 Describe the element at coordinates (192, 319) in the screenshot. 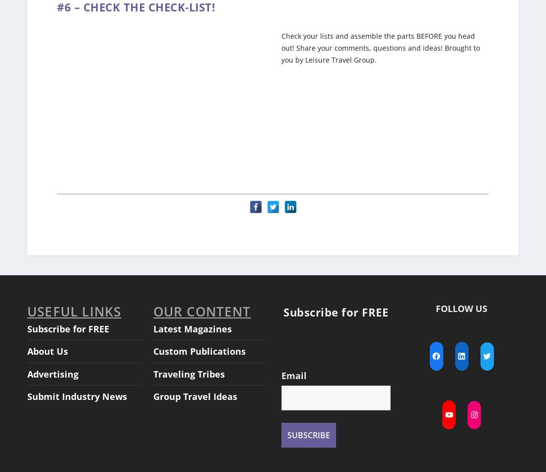

I see `'Latest Magazines'` at that location.